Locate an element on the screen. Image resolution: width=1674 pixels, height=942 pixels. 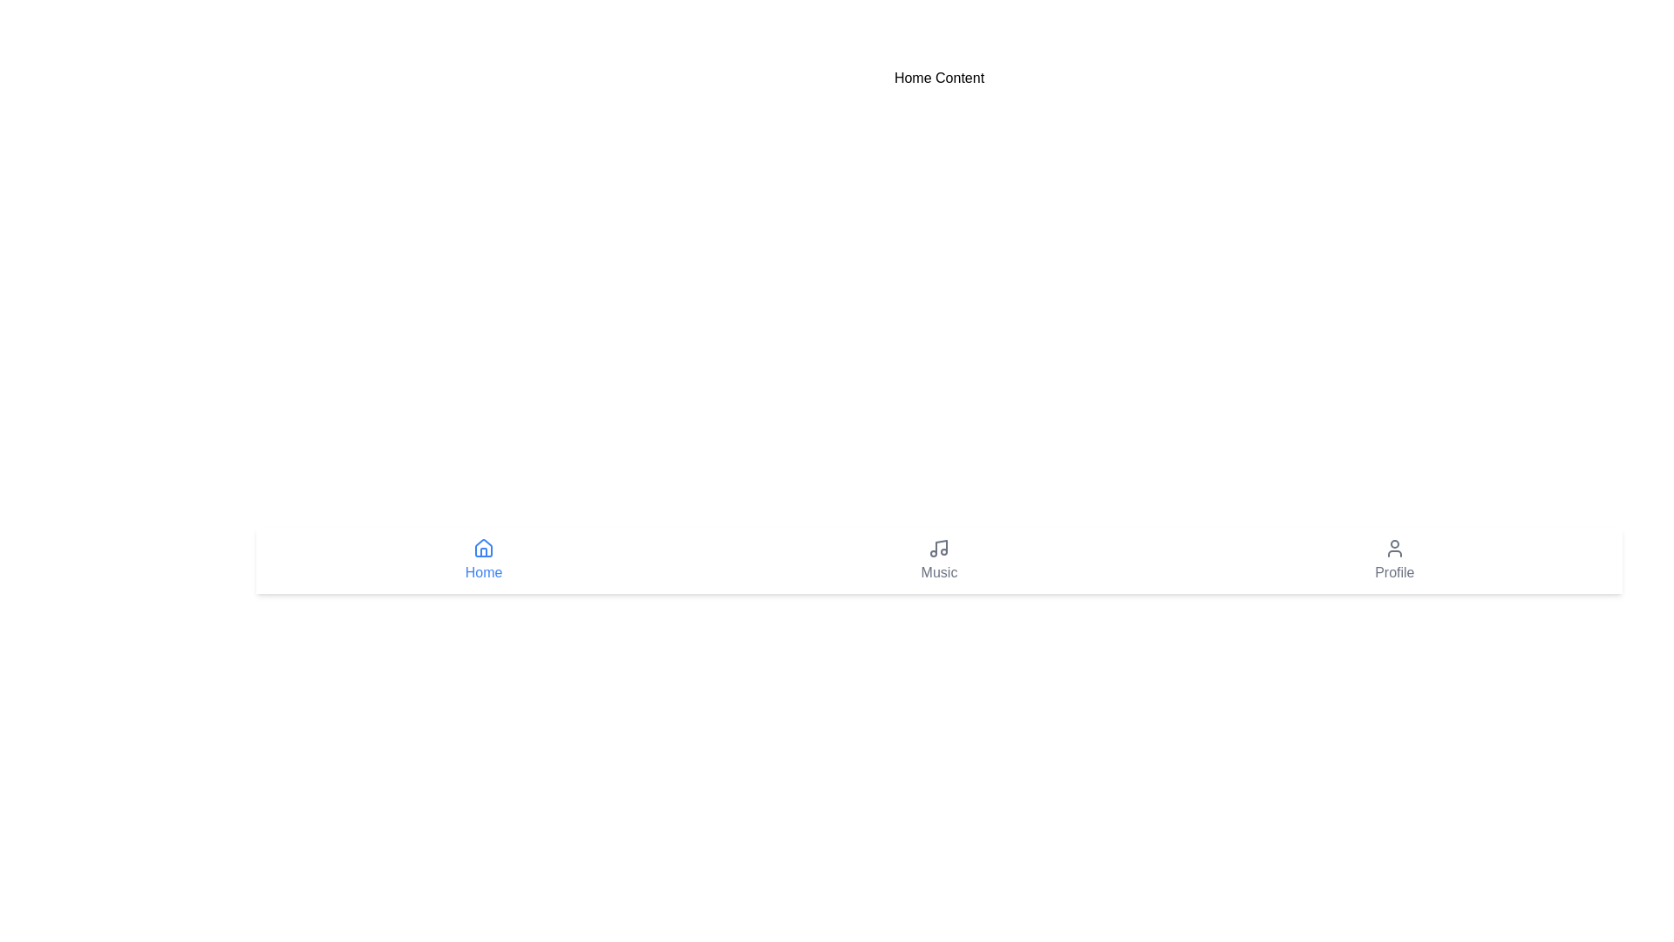
the Navigation button element, which features a blue house icon and the label 'Home' is located at coordinates (484, 561).